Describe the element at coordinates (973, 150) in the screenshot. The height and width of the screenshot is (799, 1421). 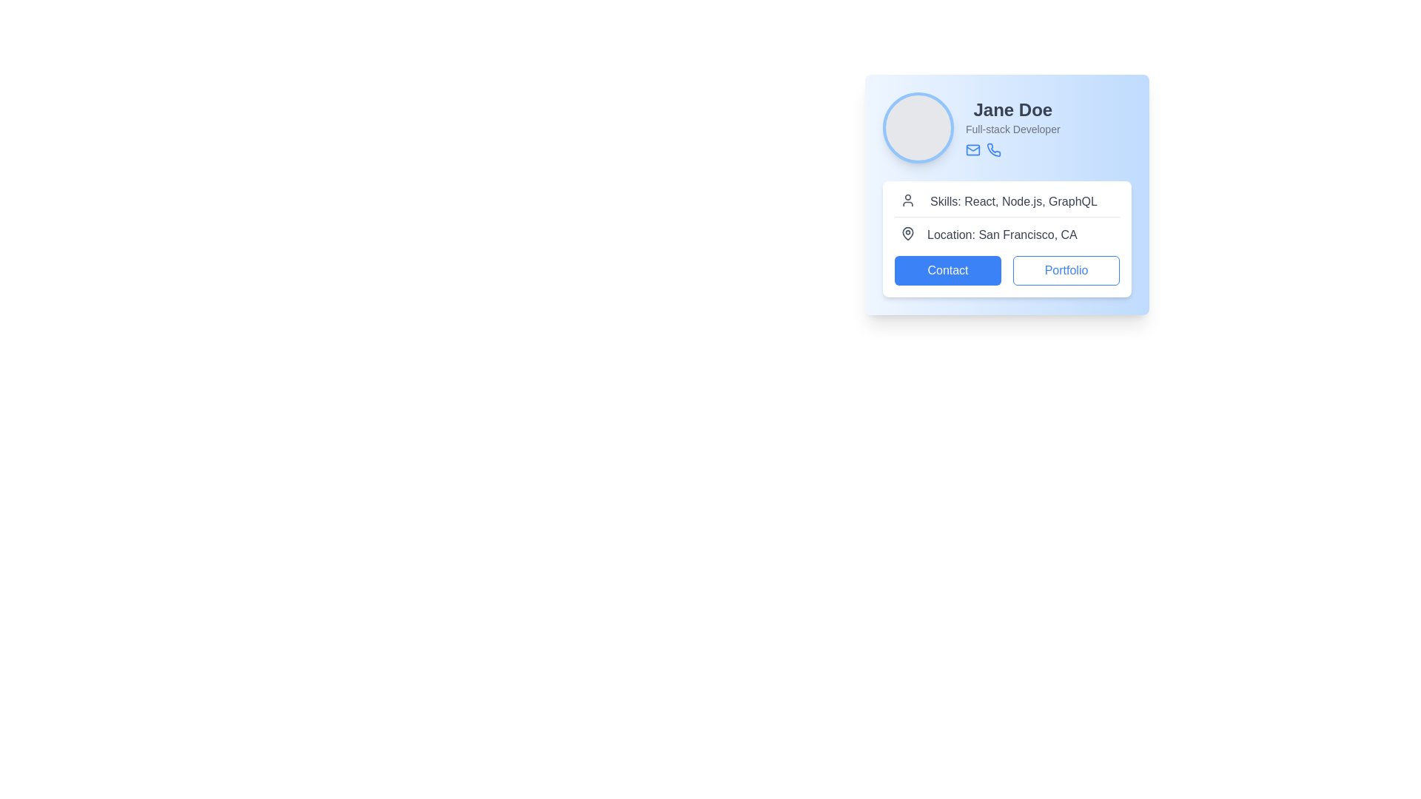
I see `the envelope icon button located to the right of the profile picture` at that location.